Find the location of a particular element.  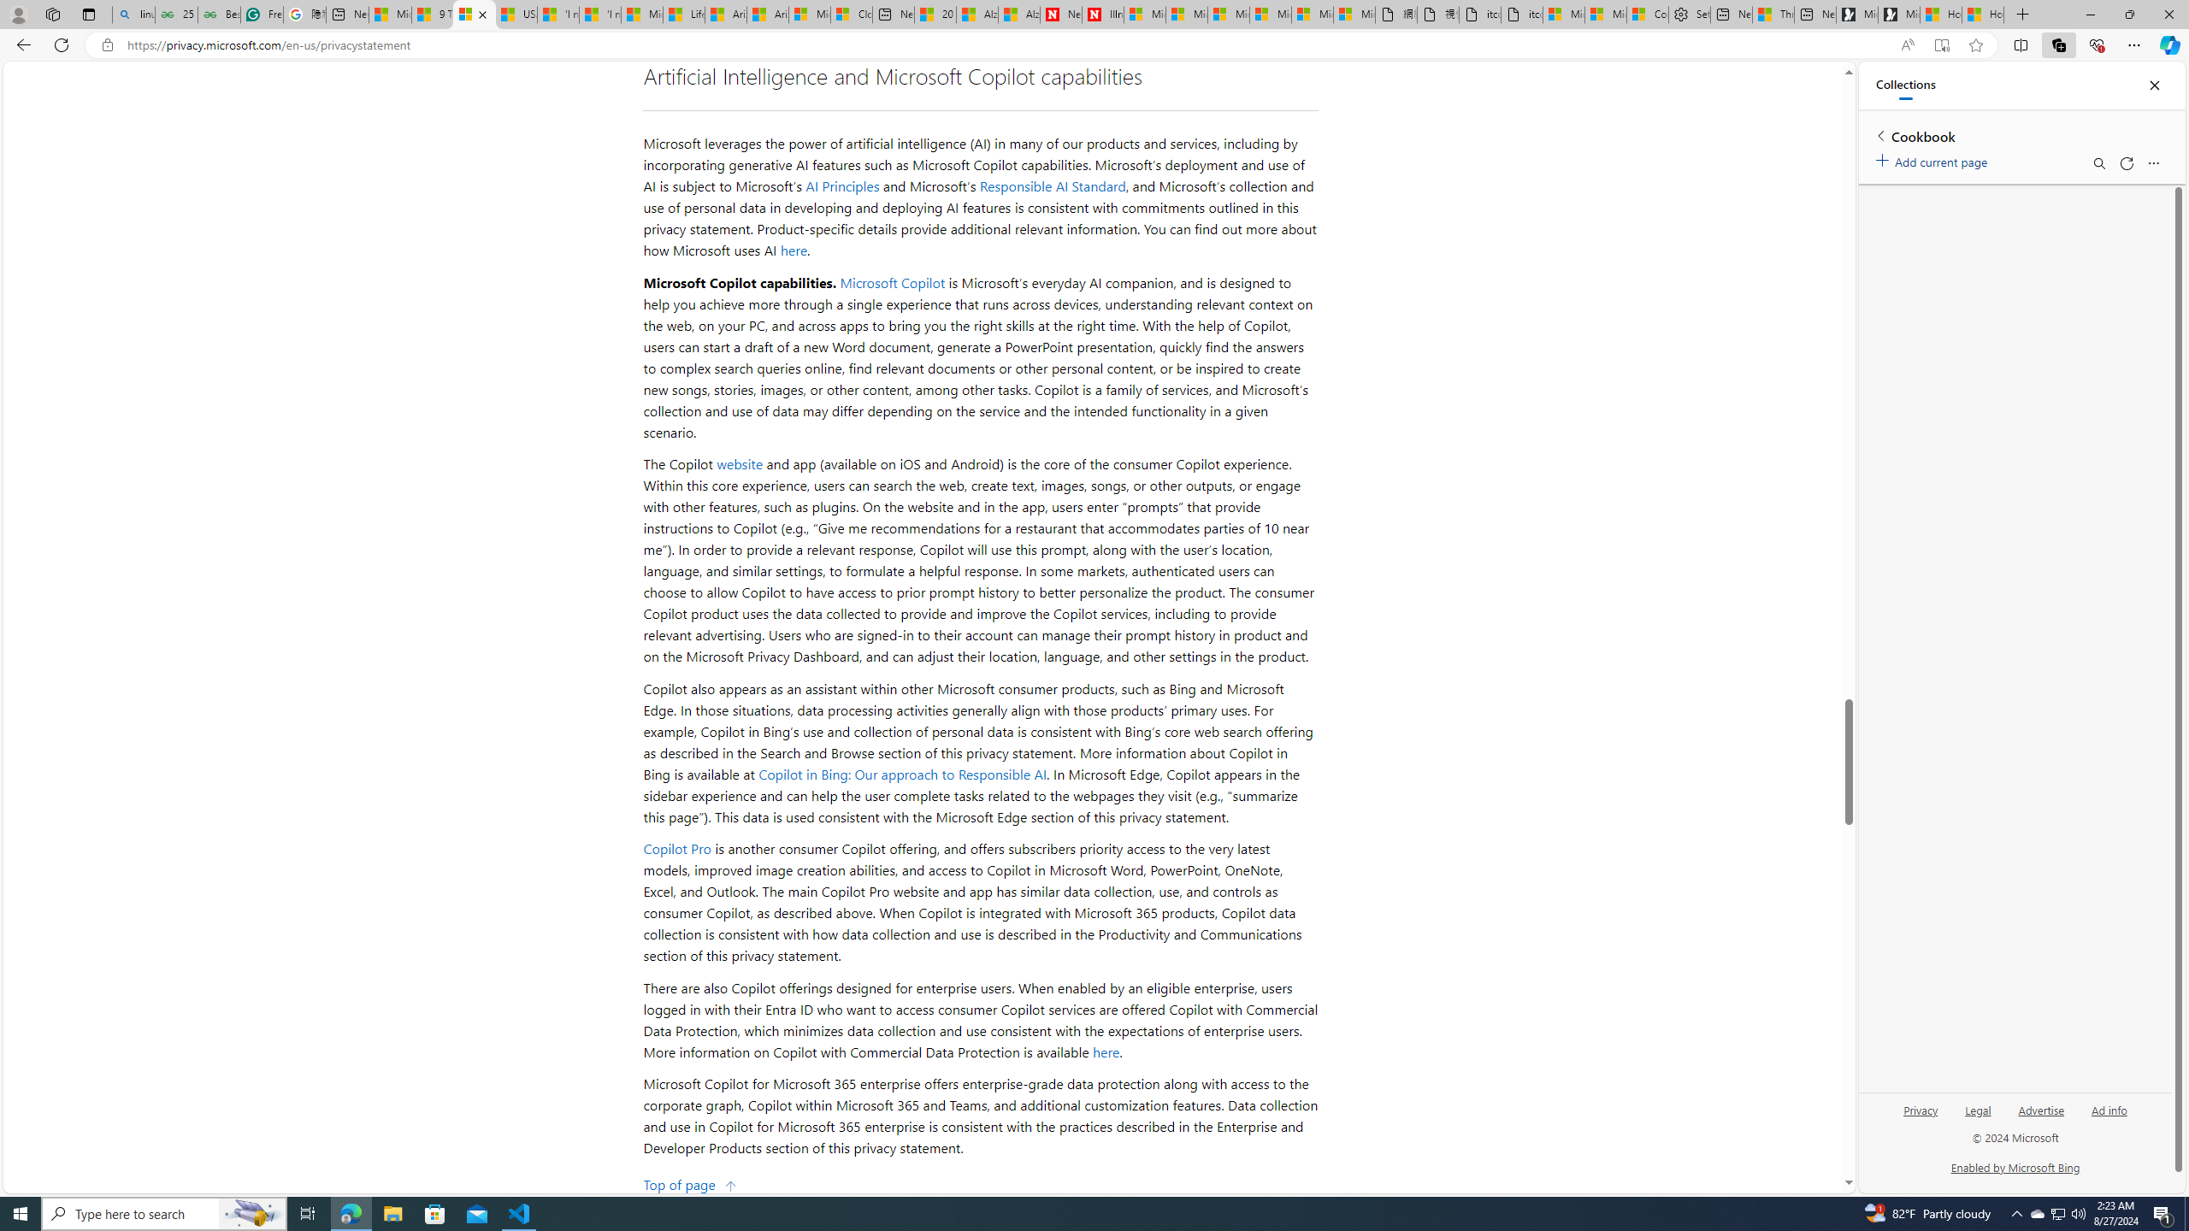

'Responsible AI Standard' is located at coordinates (1052, 186).